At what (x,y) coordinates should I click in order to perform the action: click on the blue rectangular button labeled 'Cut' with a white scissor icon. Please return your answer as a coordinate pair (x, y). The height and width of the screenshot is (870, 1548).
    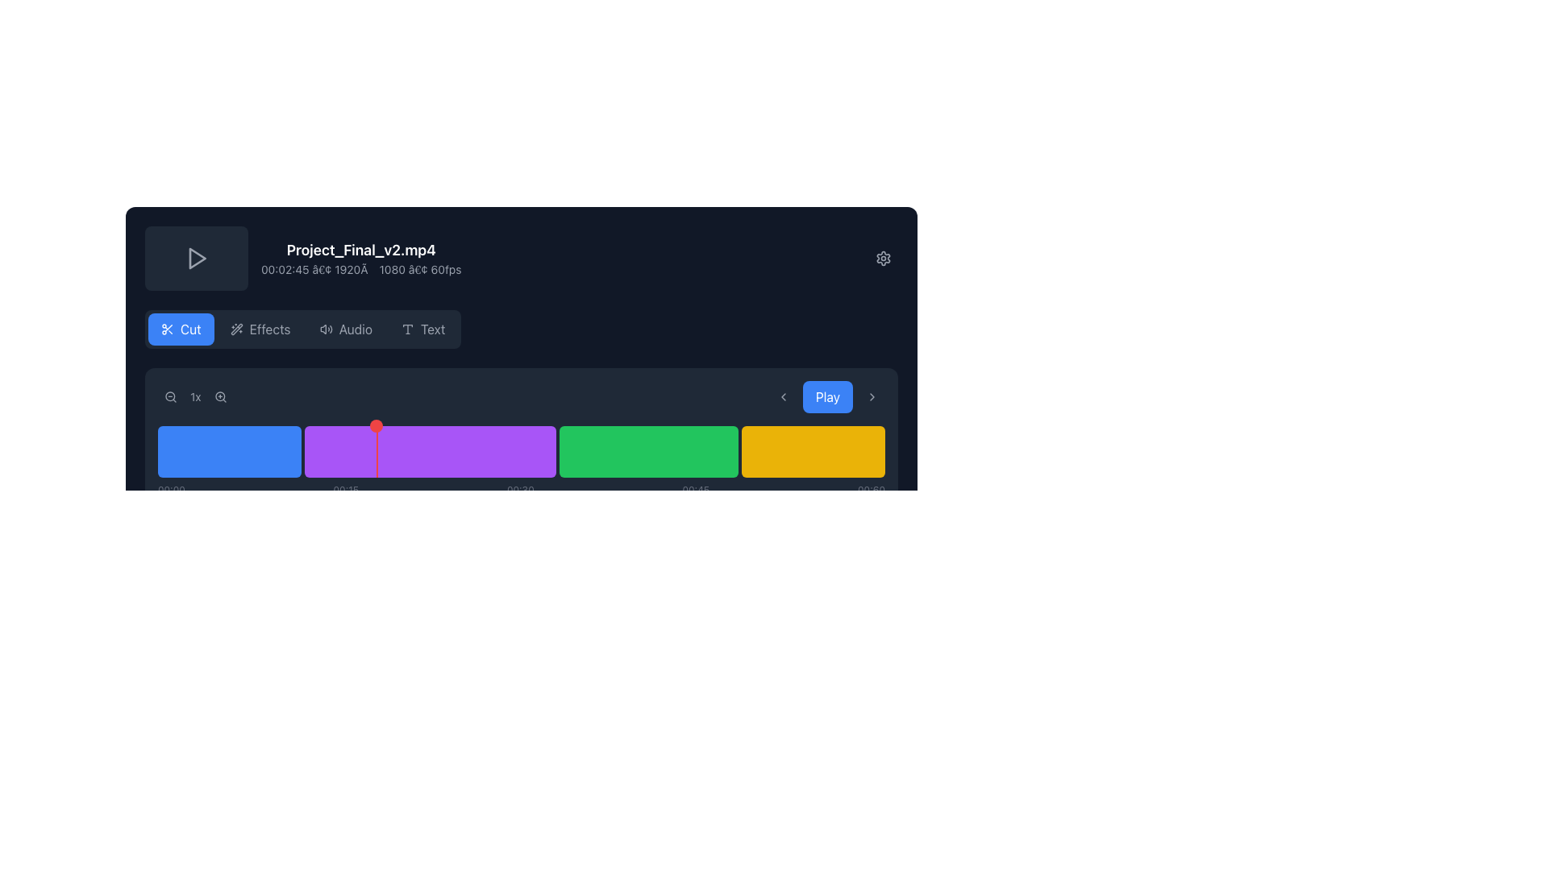
    Looking at the image, I should click on (181, 328).